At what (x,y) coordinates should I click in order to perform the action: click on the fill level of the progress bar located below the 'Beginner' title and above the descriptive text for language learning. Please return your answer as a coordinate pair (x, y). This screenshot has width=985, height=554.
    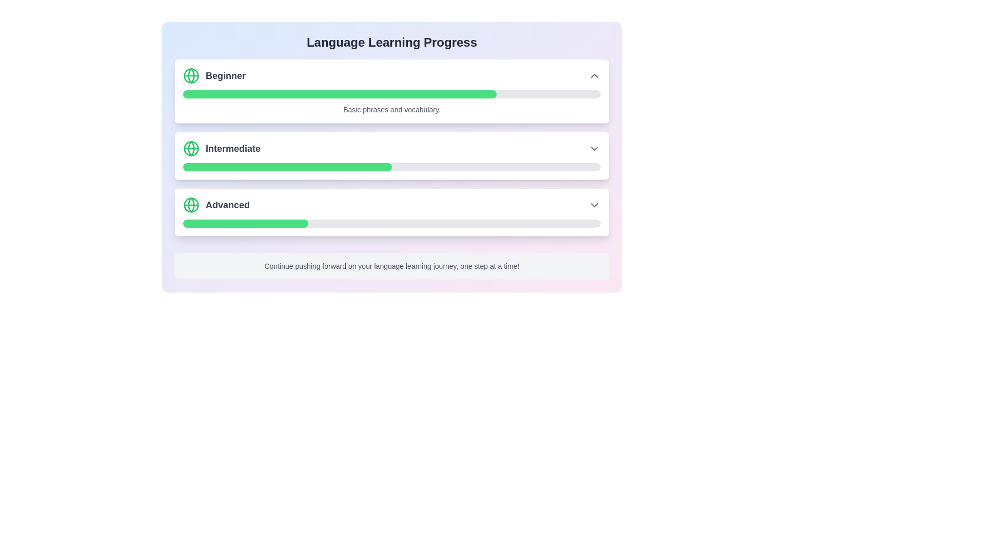
    Looking at the image, I should click on (391, 94).